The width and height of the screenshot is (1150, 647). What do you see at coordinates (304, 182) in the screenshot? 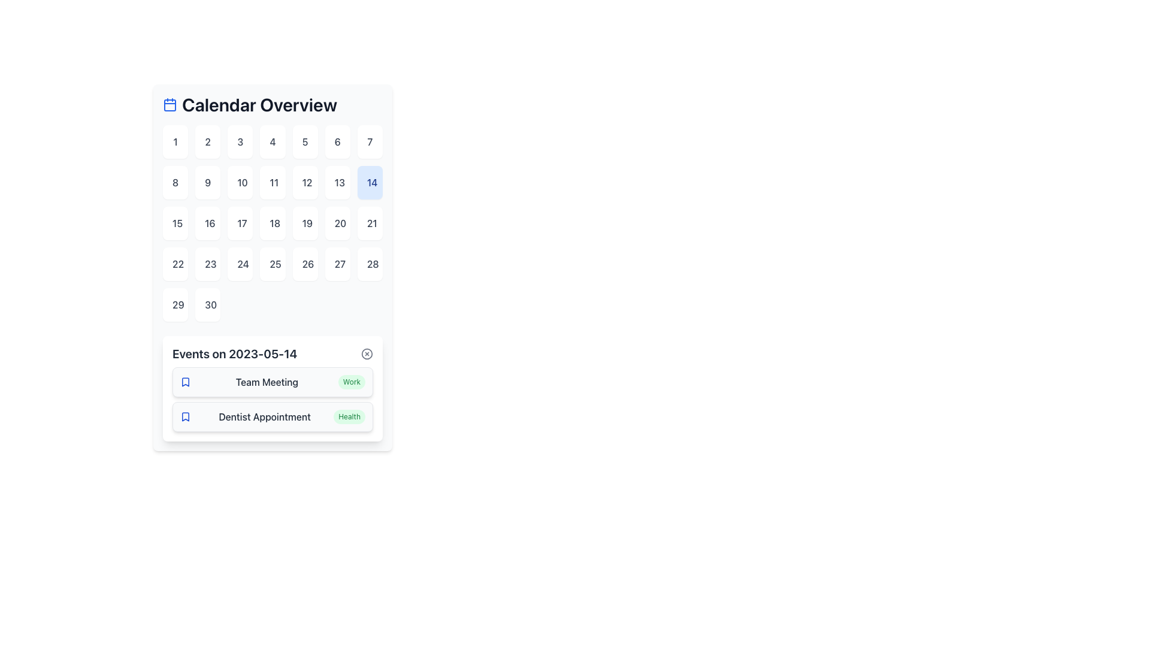
I see `the button representing the 12th day in the calendar view` at bounding box center [304, 182].